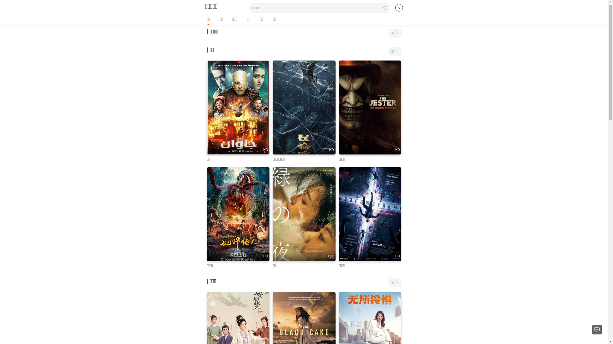 The width and height of the screenshot is (613, 344). Describe the element at coordinates (304, 107) in the screenshot. I see `'HD'` at that location.